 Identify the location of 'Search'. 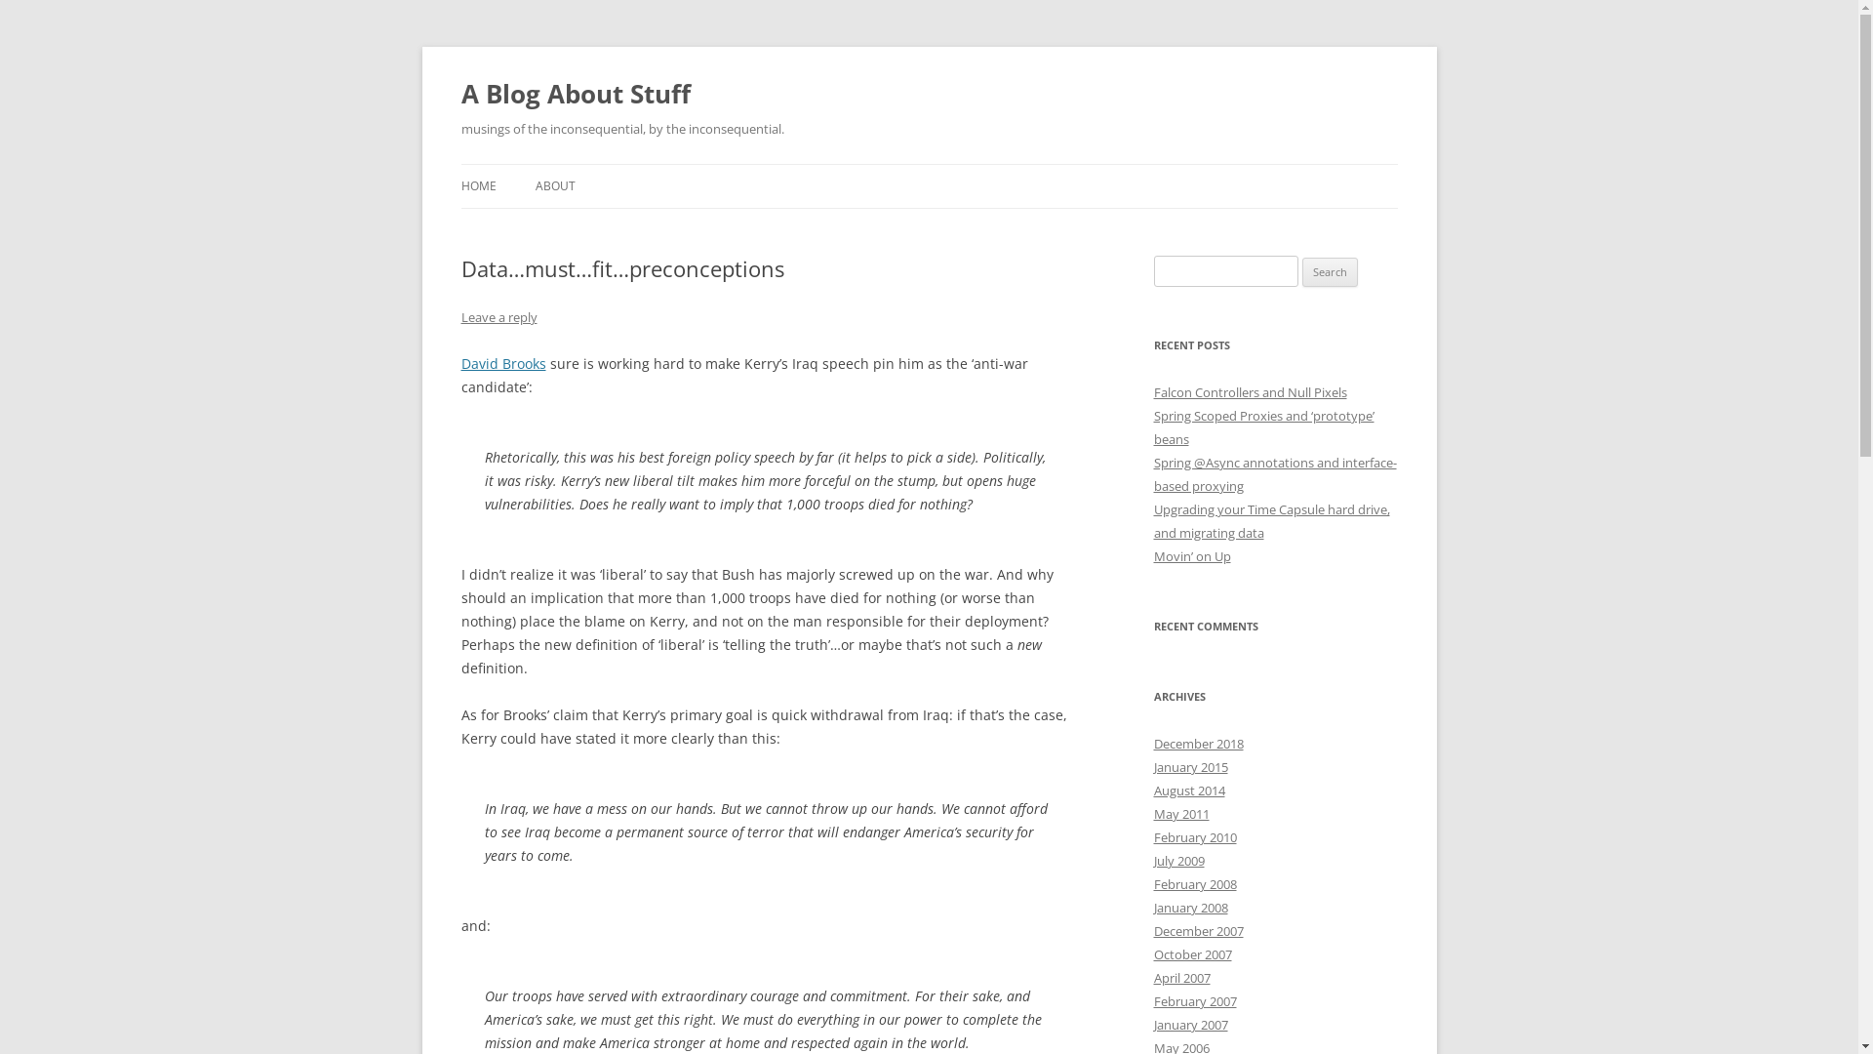
(1329, 271).